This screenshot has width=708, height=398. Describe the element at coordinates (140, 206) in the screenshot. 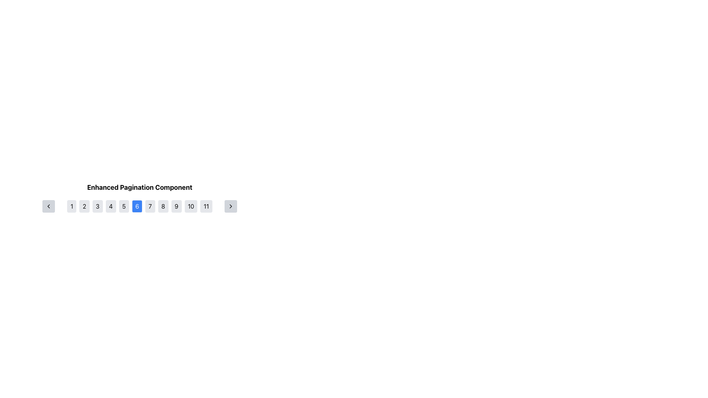

I see `the pagination button labeled '6', which has a blue background and white text` at that location.